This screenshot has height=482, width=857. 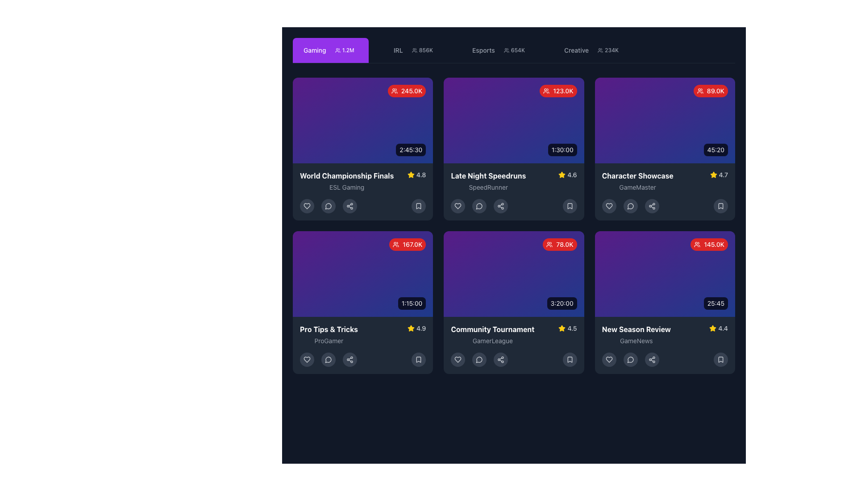 I want to click on the Text label displaying the rating score '4.7' adjacent to the star icon in the bottom-right corner of the 'Character Showcase' card, so click(x=723, y=175).